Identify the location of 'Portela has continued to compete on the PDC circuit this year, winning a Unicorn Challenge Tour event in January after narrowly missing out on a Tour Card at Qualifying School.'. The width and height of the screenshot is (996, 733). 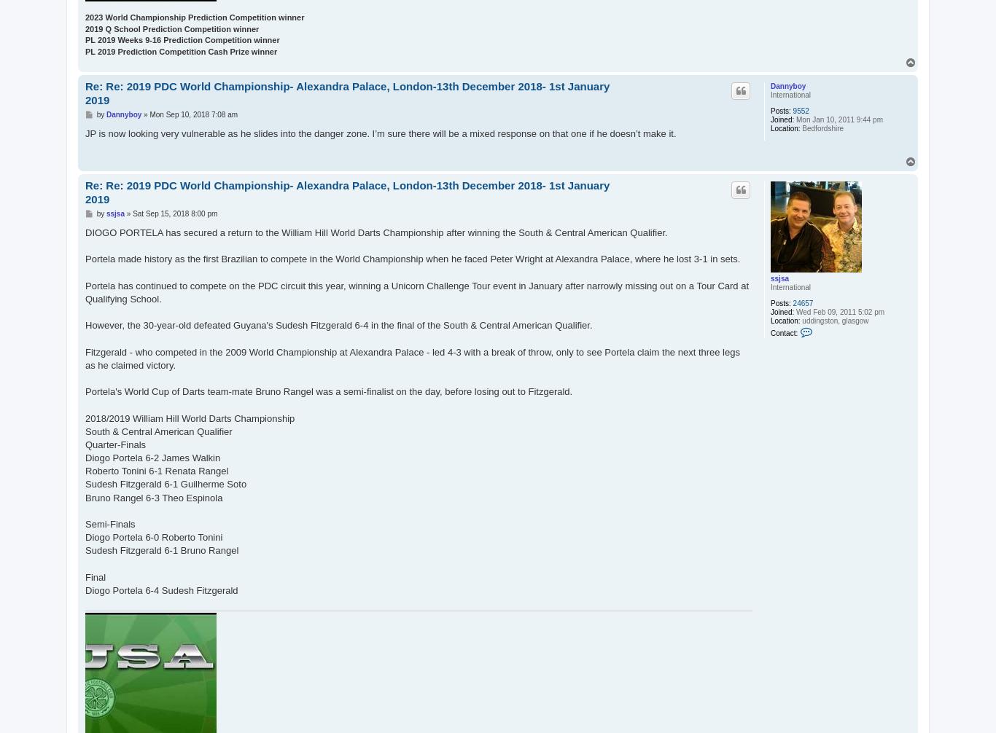
(416, 291).